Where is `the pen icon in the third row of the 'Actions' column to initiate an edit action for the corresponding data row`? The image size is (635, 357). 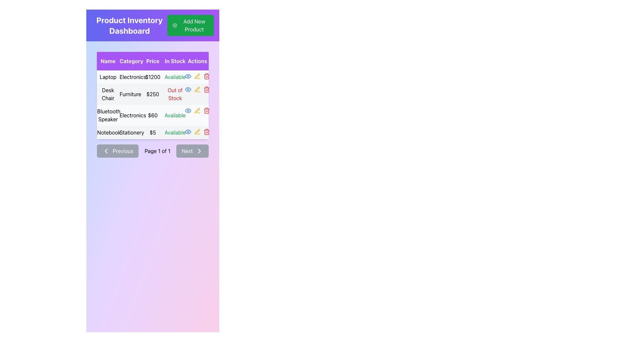 the pen icon in the third row of the 'Actions' column to initiate an edit action for the corresponding data row is located at coordinates (197, 110).